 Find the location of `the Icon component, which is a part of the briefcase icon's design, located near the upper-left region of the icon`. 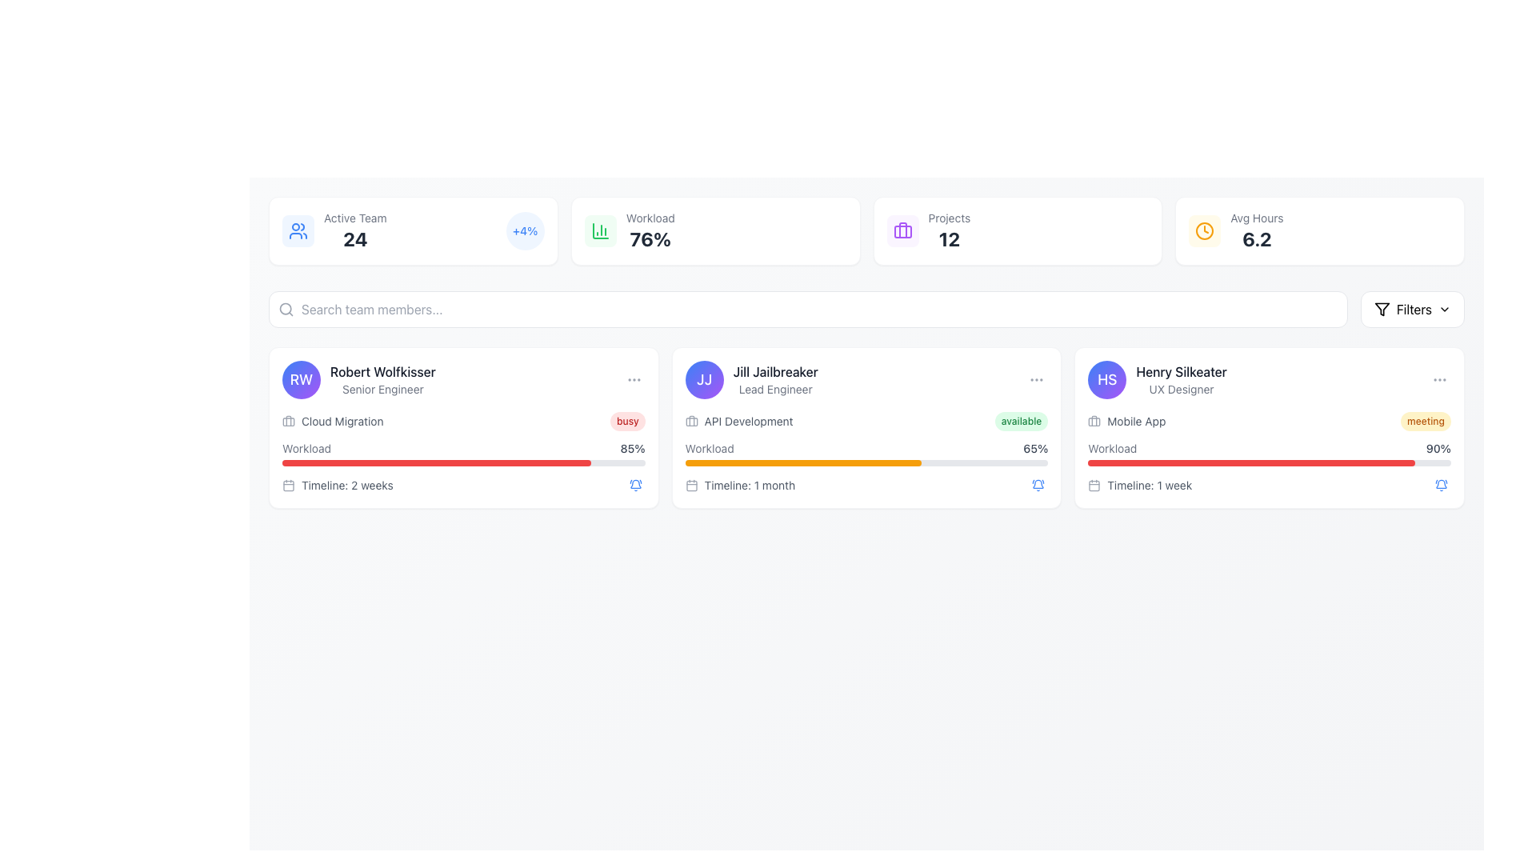

the Icon component, which is a part of the briefcase icon's design, located near the upper-left region of the icon is located at coordinates (1094, 420).